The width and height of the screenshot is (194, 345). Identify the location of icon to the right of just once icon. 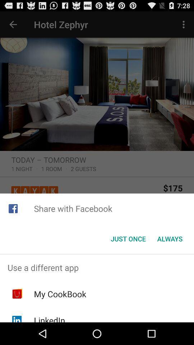
(170, 239).